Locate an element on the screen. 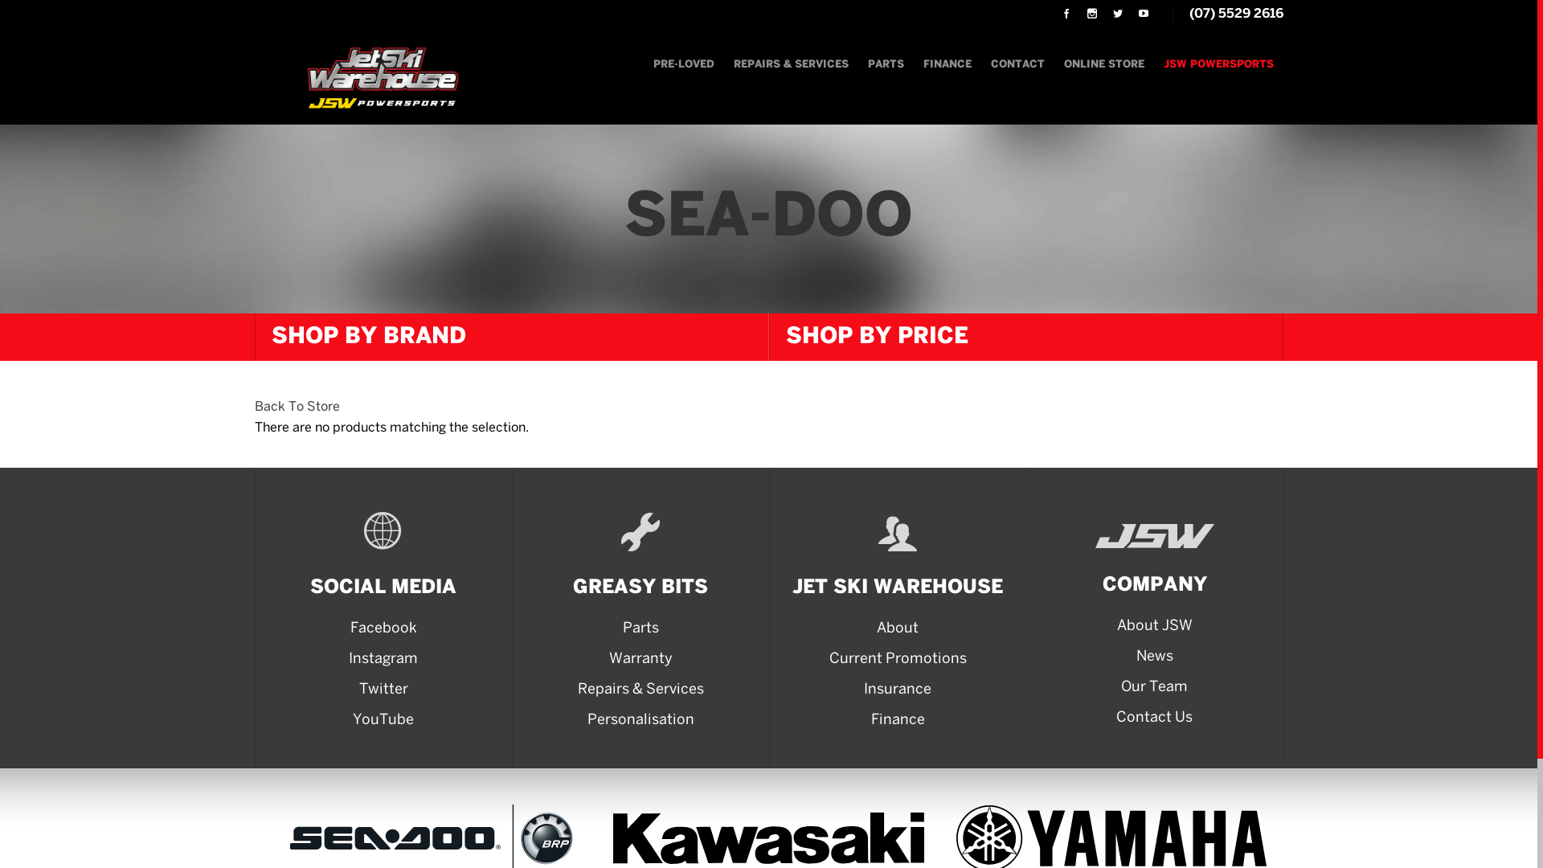 Image resolution: width=1543 pixels, height=868 pixels. 'Twitter' is located at coordinates (383, 690).